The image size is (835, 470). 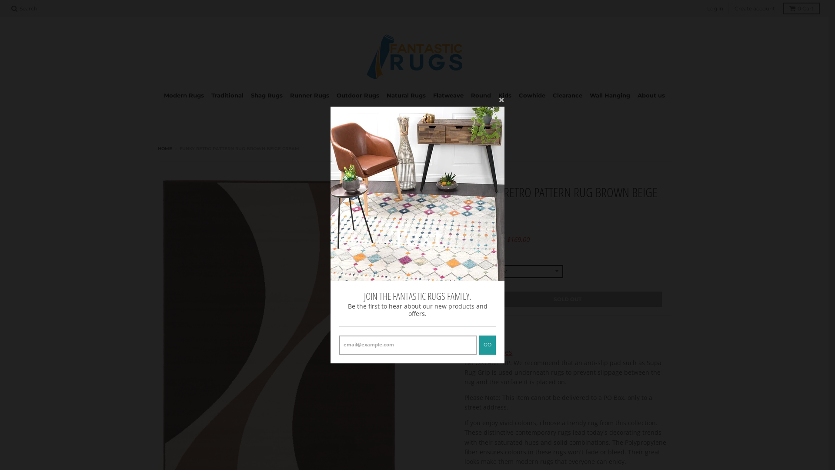 I want to click on 'Traditional', so click(x=227, y=95).